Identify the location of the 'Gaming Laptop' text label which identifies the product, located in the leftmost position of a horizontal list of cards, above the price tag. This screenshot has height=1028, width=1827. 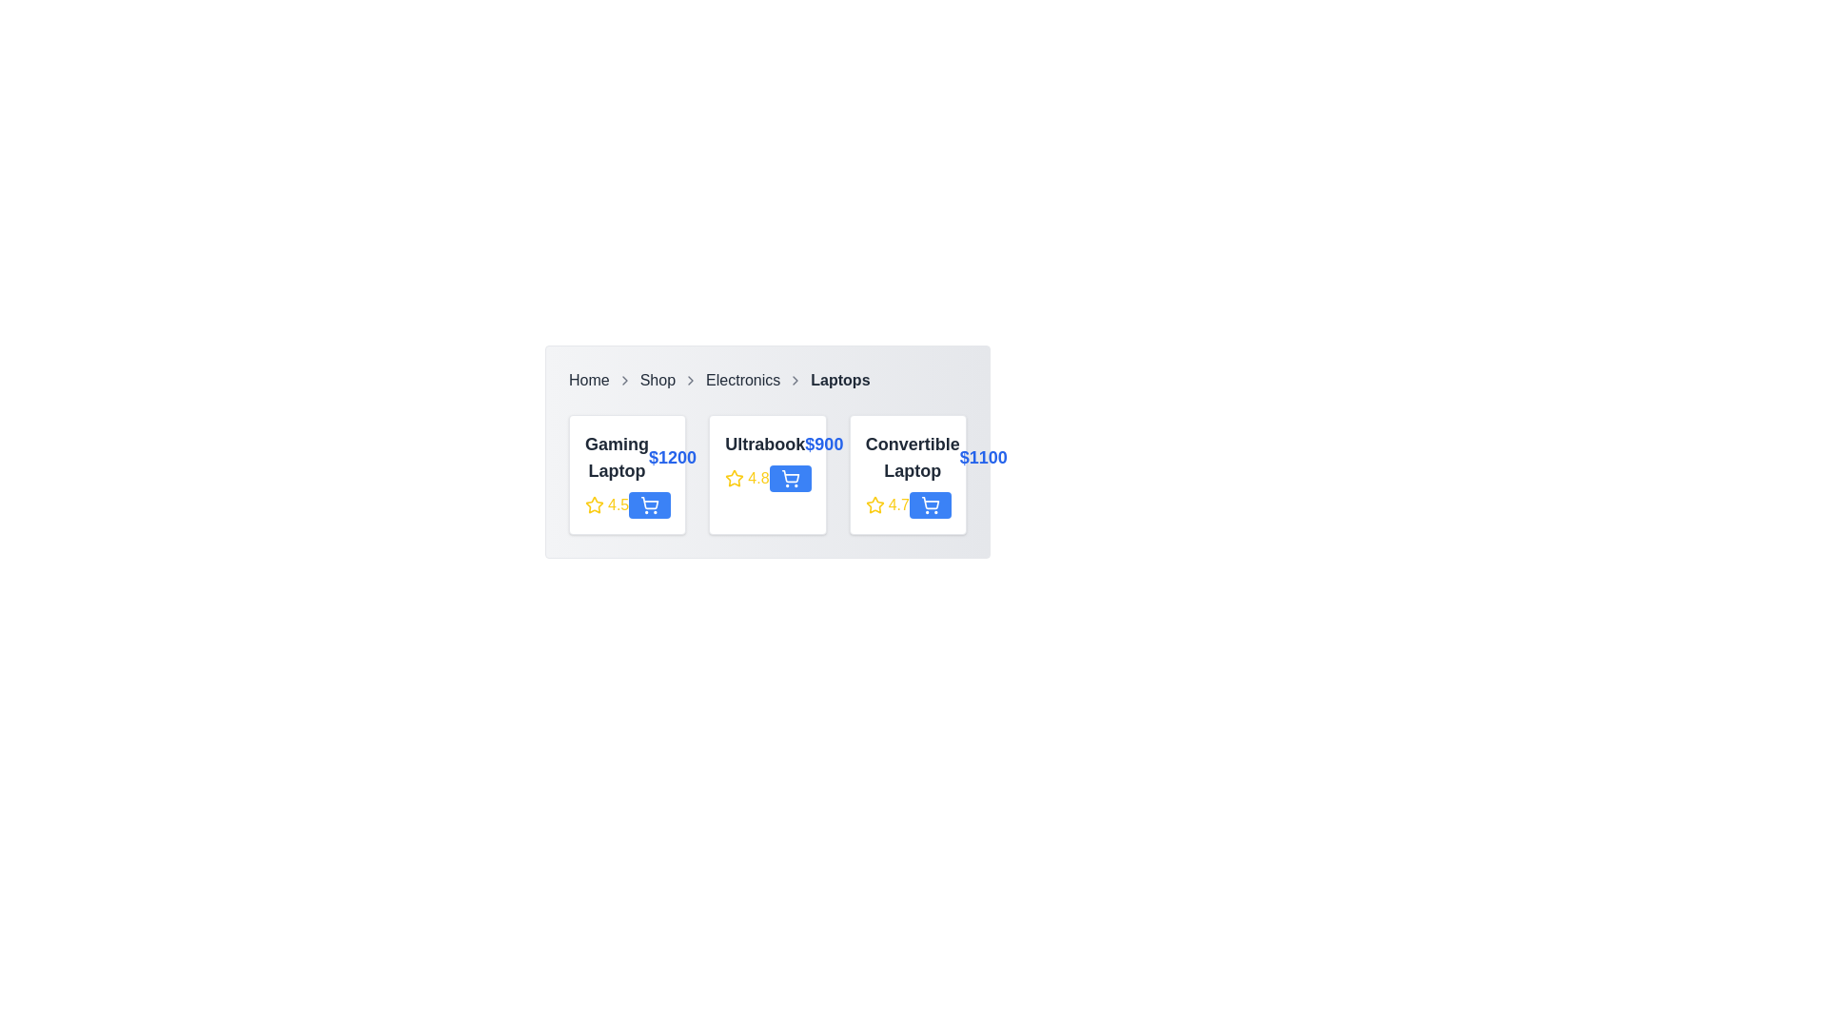
(617, 458).